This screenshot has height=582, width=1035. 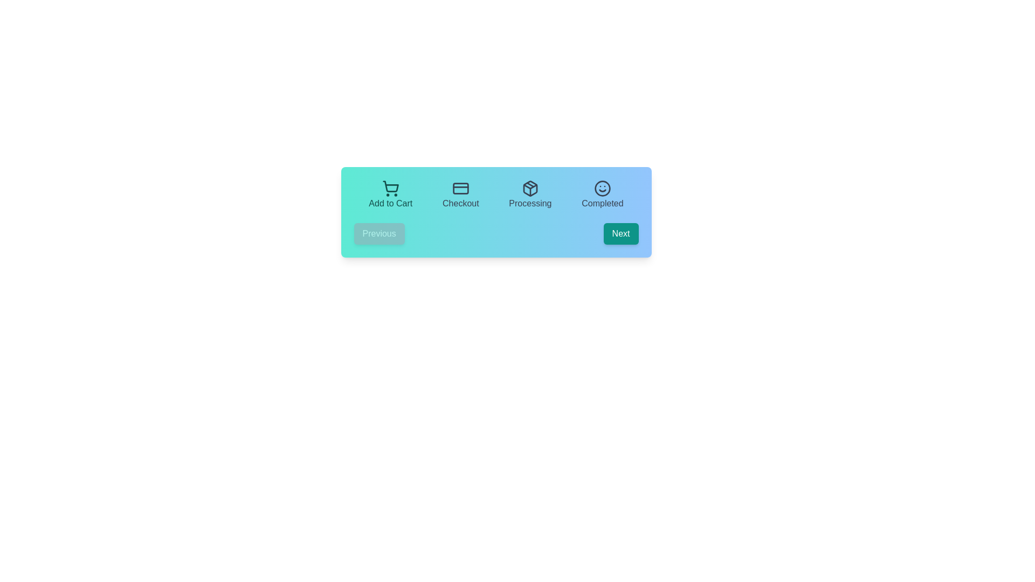 What do you see at coordinates (460, 195) in the screenshot?
I see `the step Checkout to observe the hover effect` at bounding box center [460, 195].